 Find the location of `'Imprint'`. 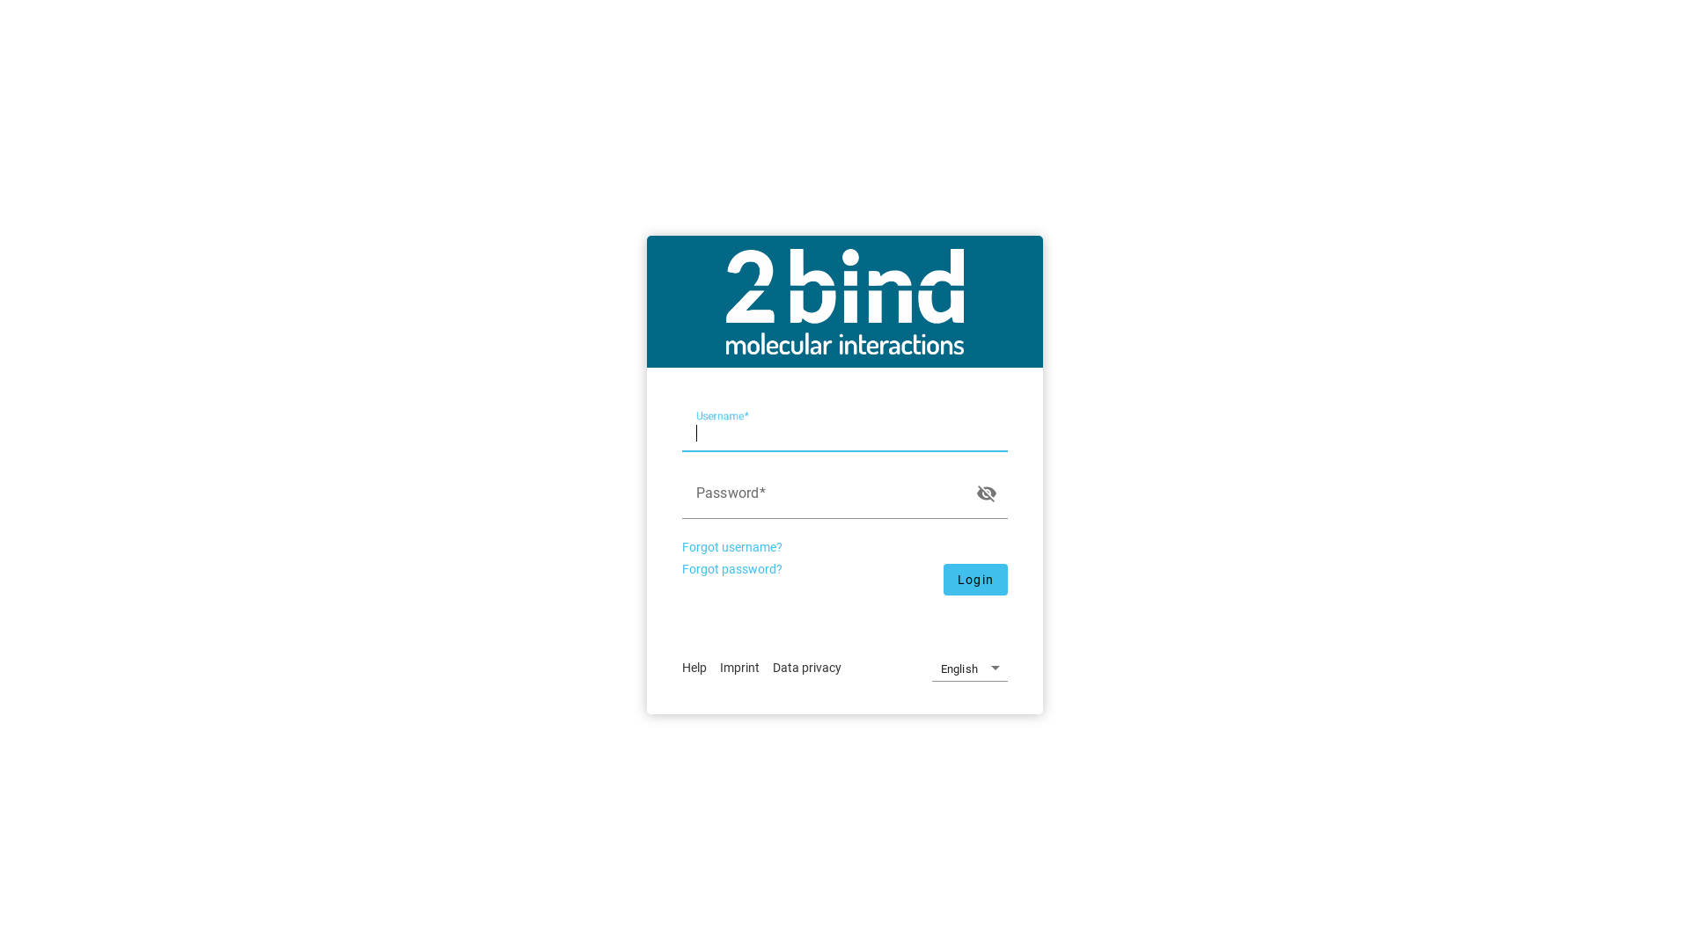

'Imprint' is located at coordinates (744, 668).